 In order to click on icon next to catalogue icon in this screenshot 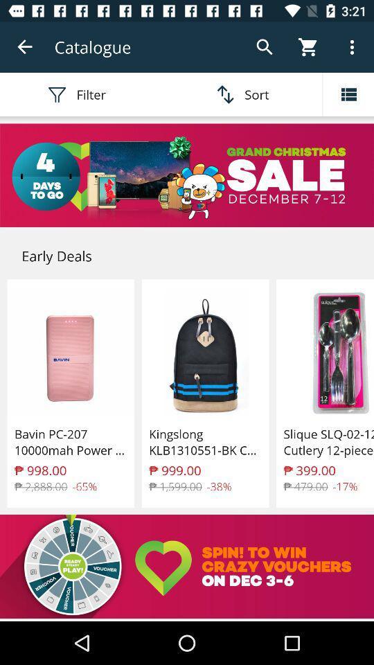, I will do `click(25, 47)`.